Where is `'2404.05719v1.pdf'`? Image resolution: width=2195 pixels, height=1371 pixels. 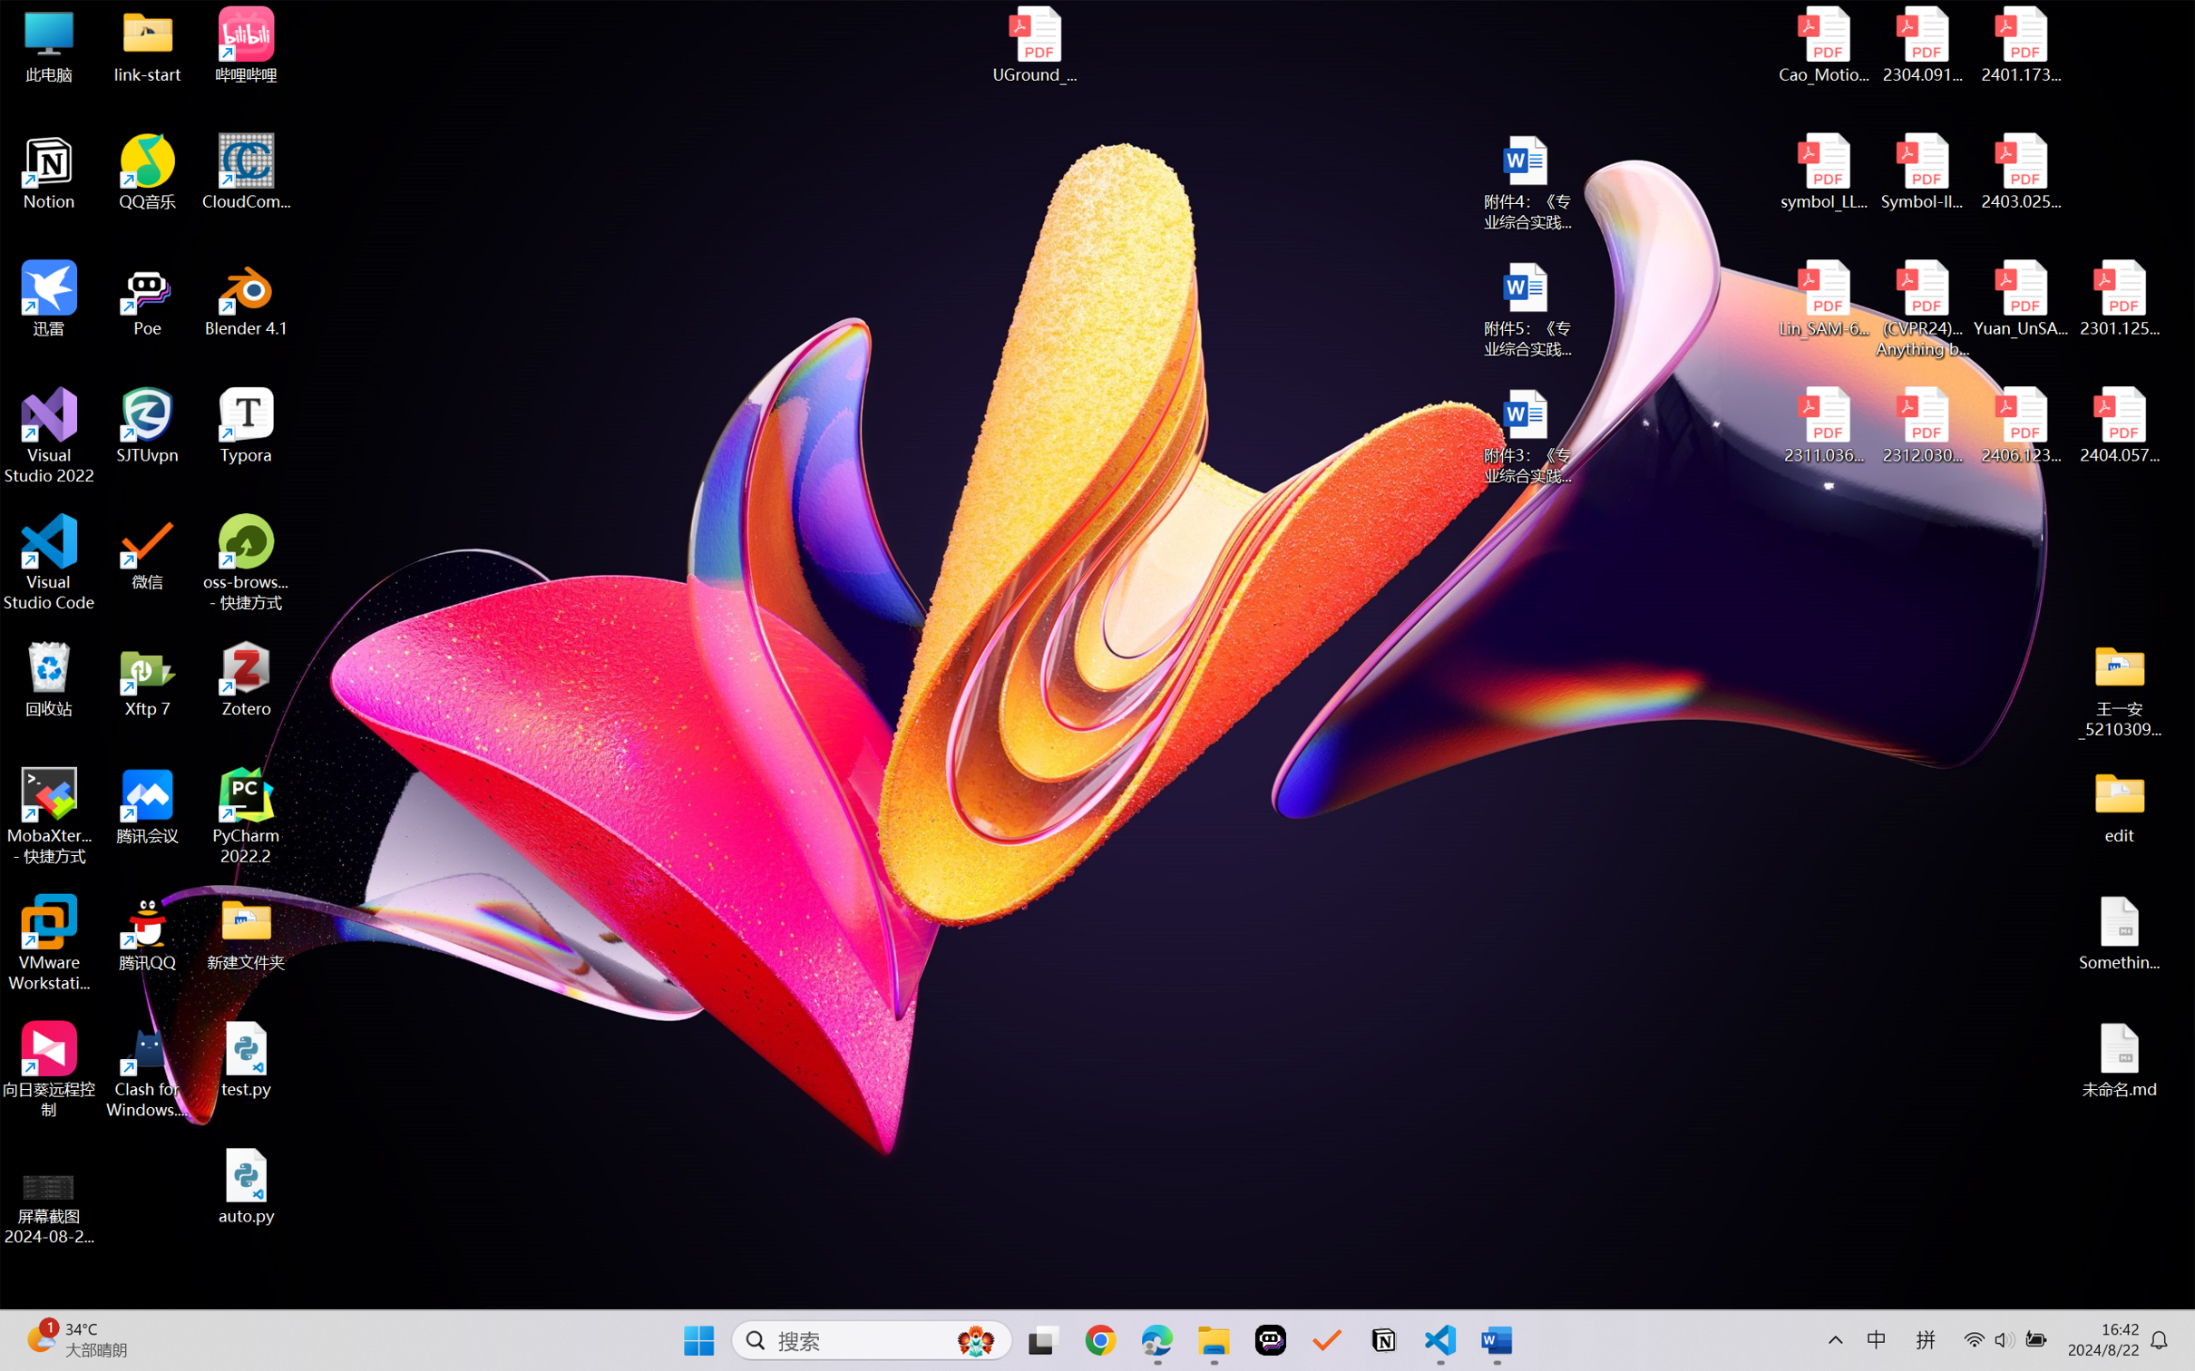 '2404.05719v1.pdf' is located at coordinates (2118, 425).